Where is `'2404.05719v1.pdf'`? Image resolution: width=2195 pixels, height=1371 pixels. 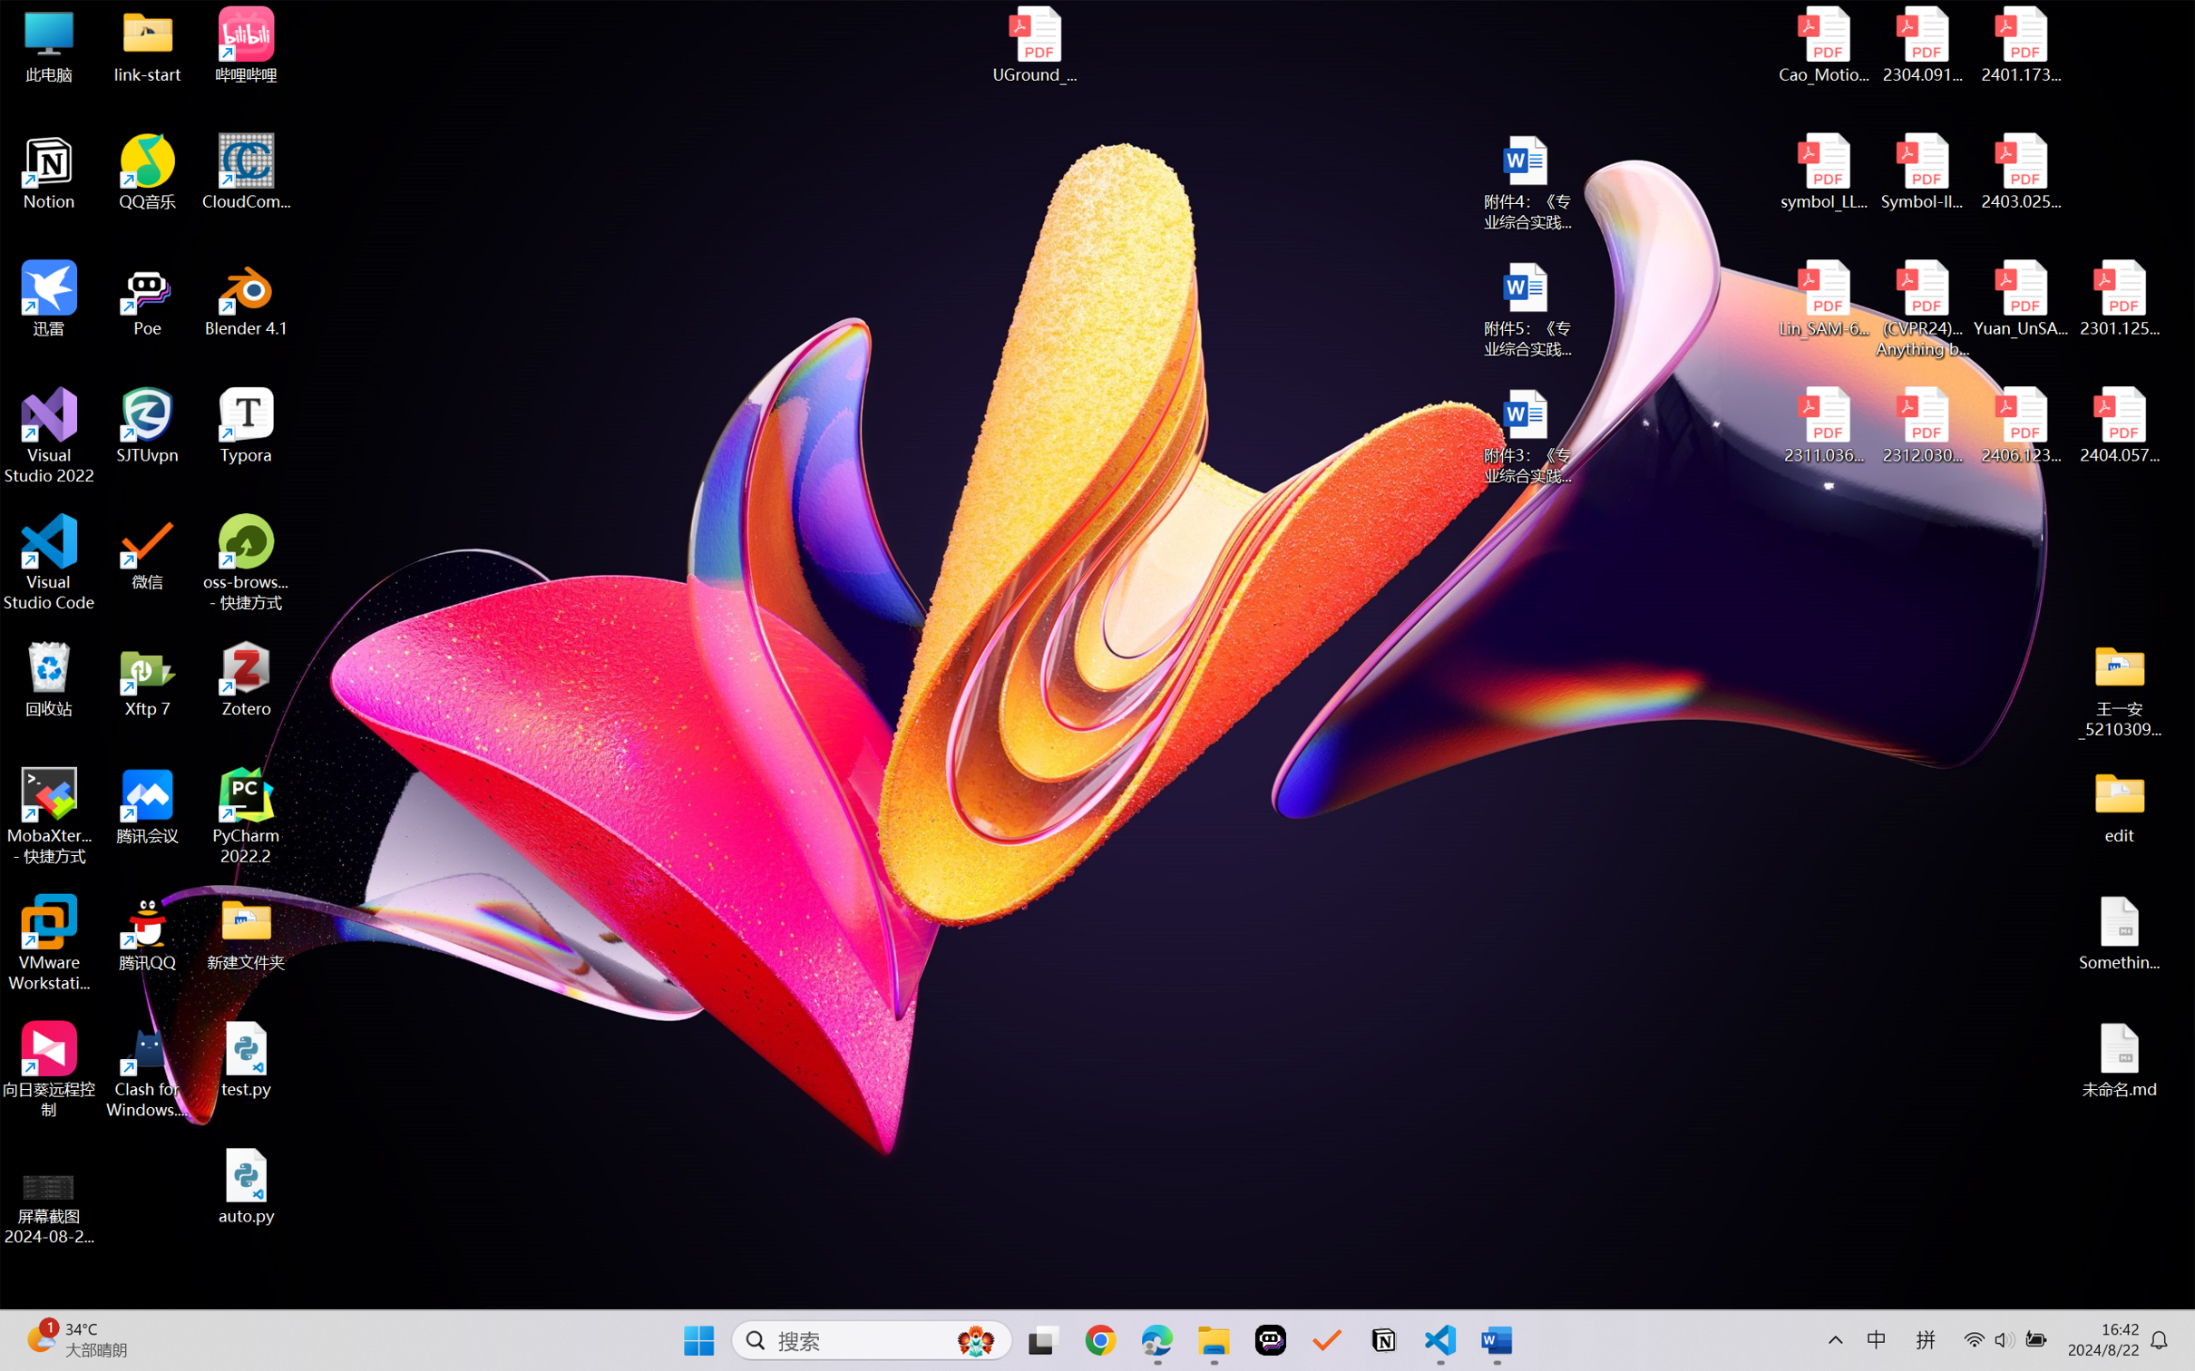 '2404.05719v1.pdf' is located at coordinates (2118, 425).